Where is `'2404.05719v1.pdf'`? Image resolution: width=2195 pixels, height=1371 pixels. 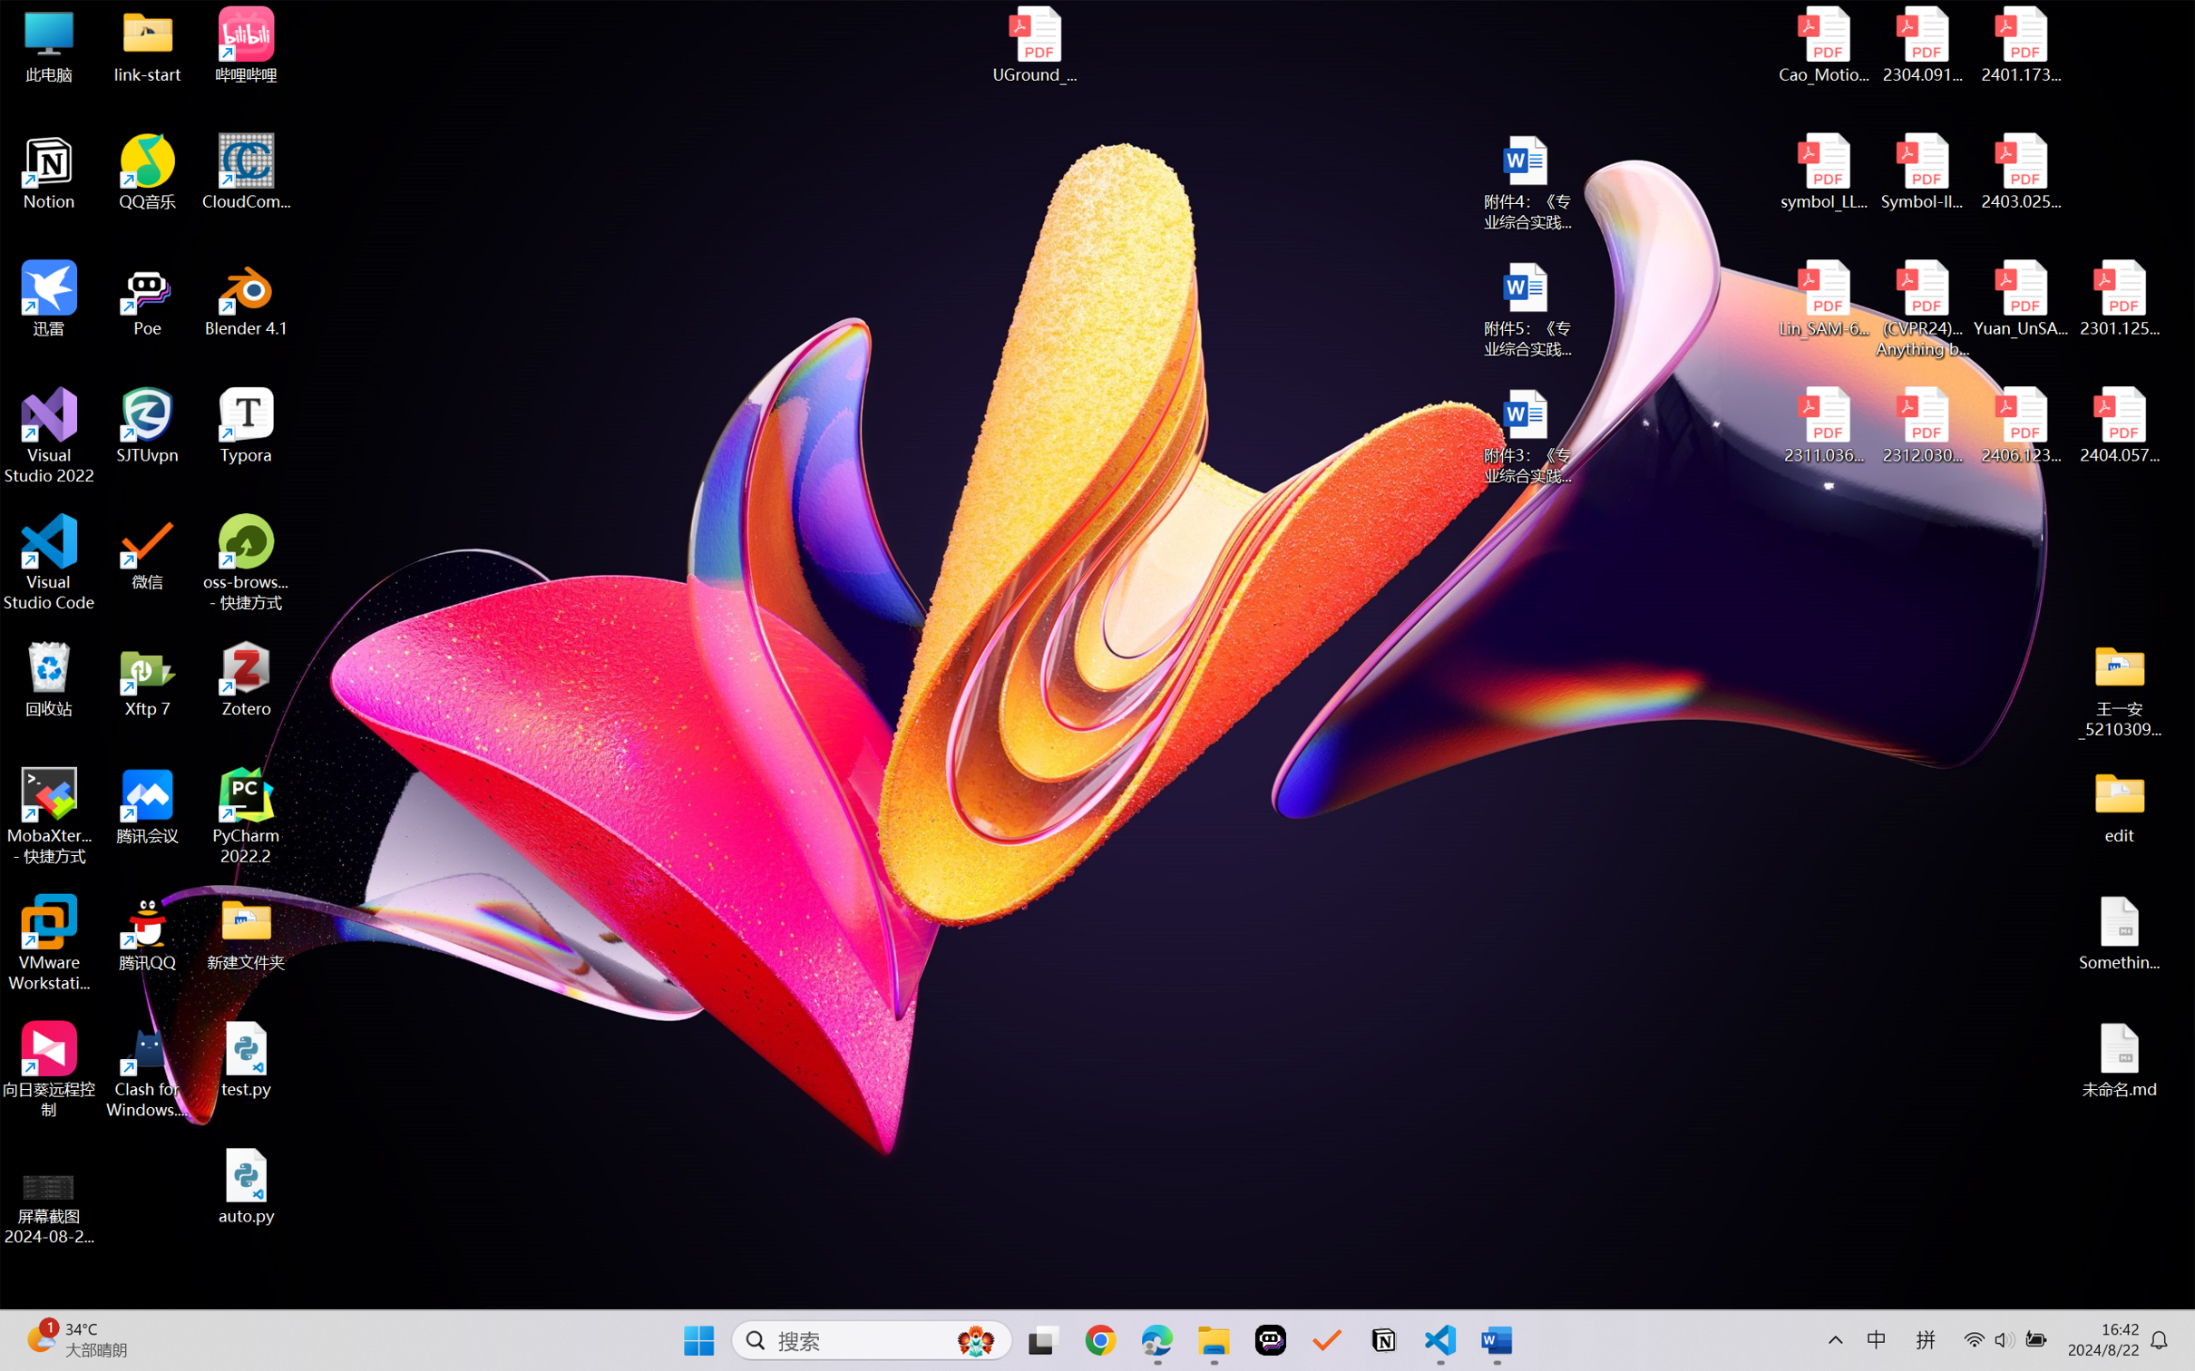 '2404.05719v1.pdf' is located at coordinates (2118, 425).